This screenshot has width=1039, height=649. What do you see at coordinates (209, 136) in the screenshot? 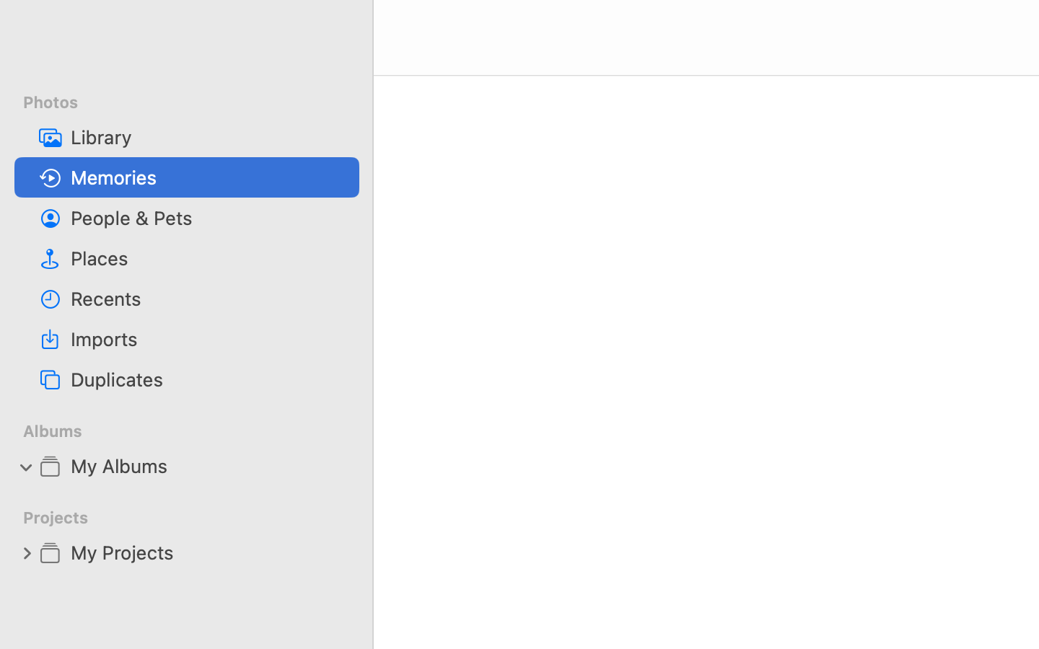
I see `'Library'` at bounding box center [209, 136].